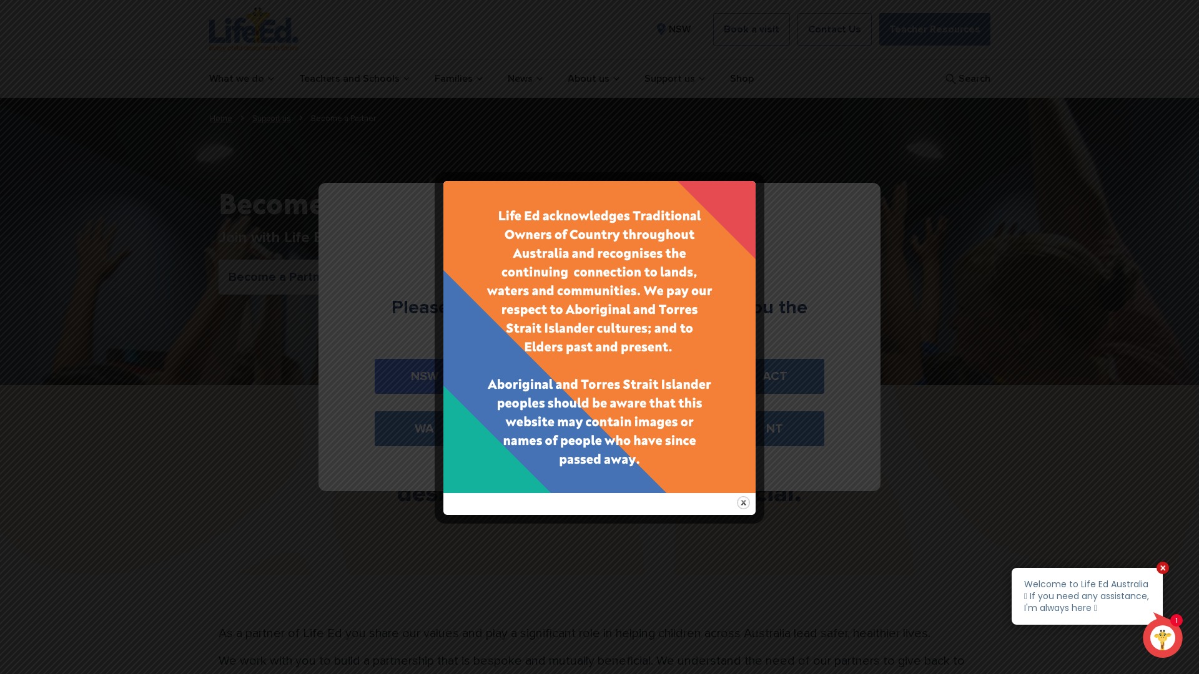 This screenshot has height=674, width=1199. What do you see at coordinates (725, 375) in the screenshot?
I see `'ACT'` at bounding box center [725, 375].